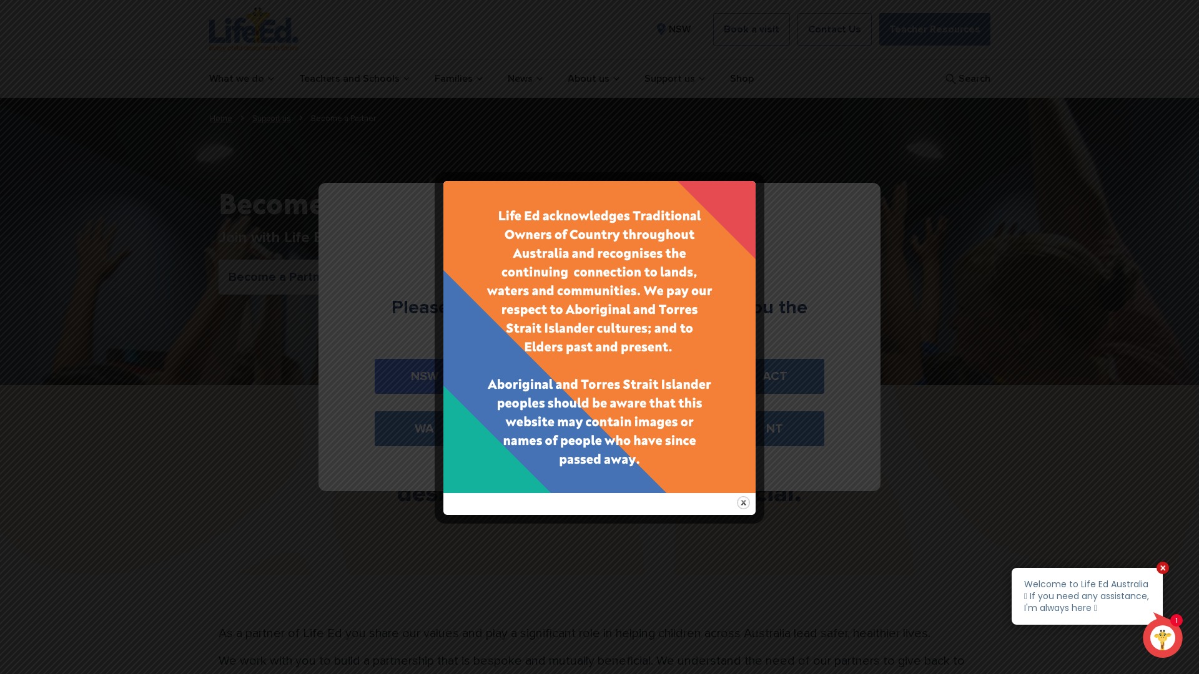 This screenshot has height=674, width=1199. What do you see at coordinates (725, 375) in the screenshot?
I see `'ACT'` at bounding box center [725, 375].